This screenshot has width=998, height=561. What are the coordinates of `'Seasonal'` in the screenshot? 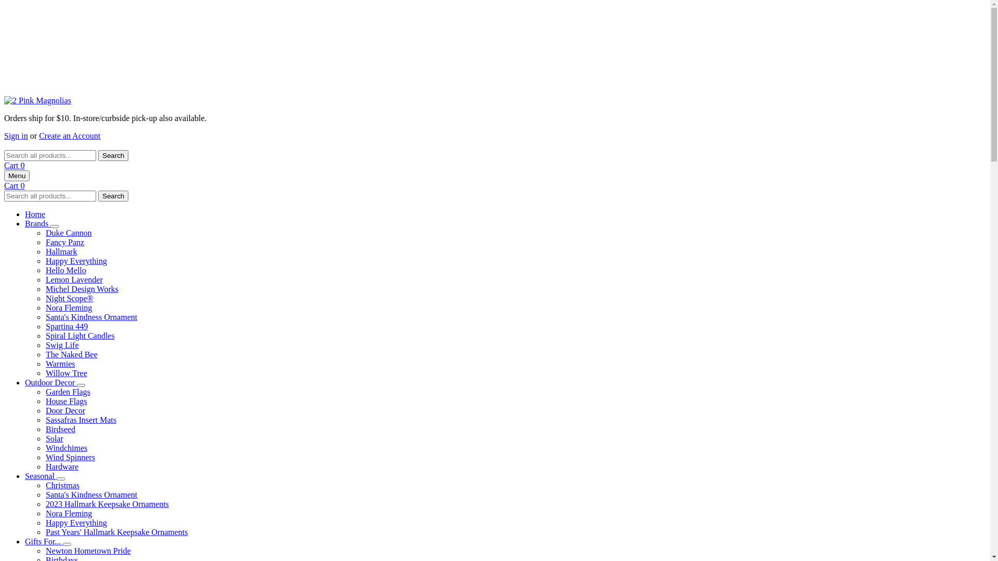 It's located at (41, 476).